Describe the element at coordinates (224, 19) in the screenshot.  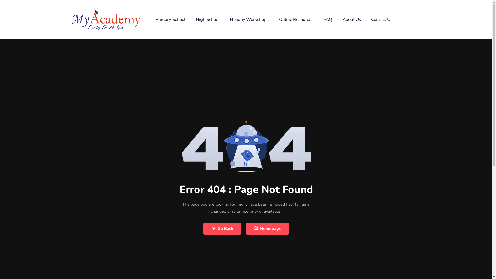
I see `'Holiday Workshops'` at that location.